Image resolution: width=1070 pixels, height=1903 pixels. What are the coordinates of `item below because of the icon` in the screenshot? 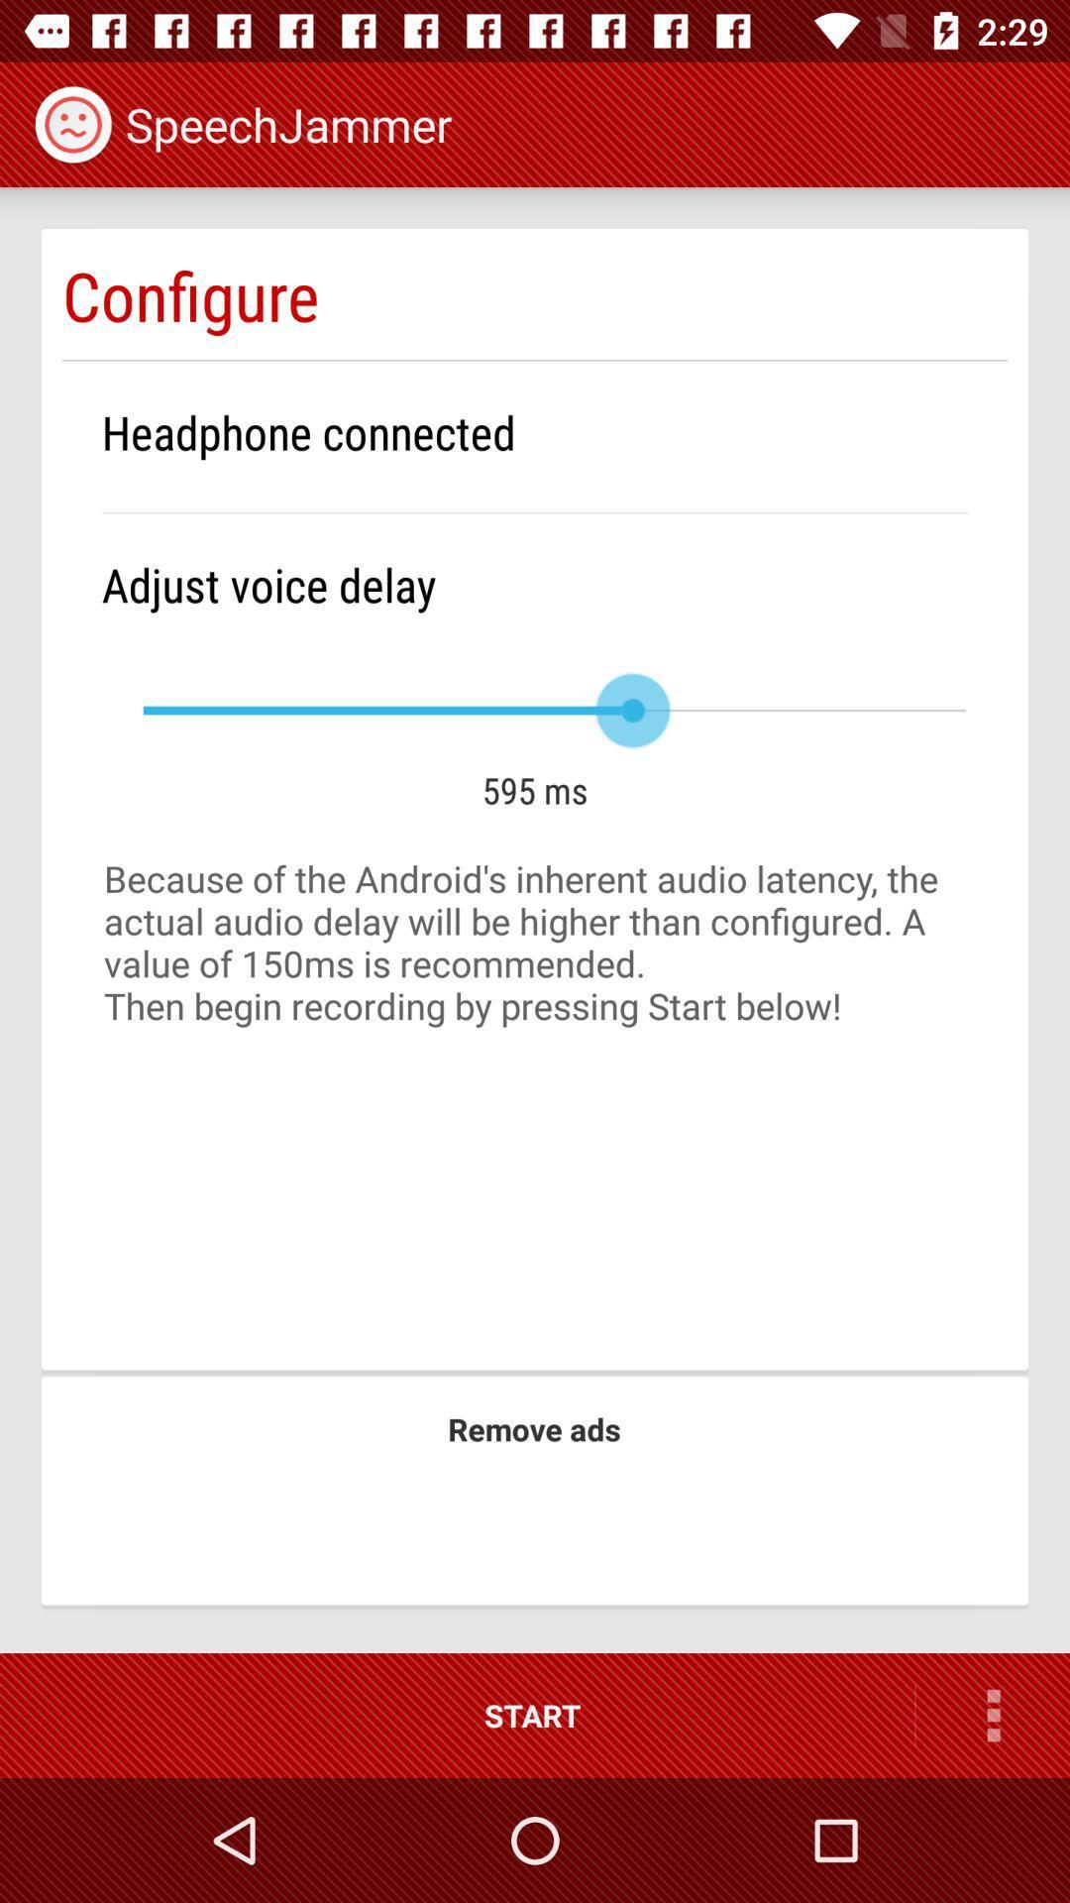 It's located at (533, 1428).